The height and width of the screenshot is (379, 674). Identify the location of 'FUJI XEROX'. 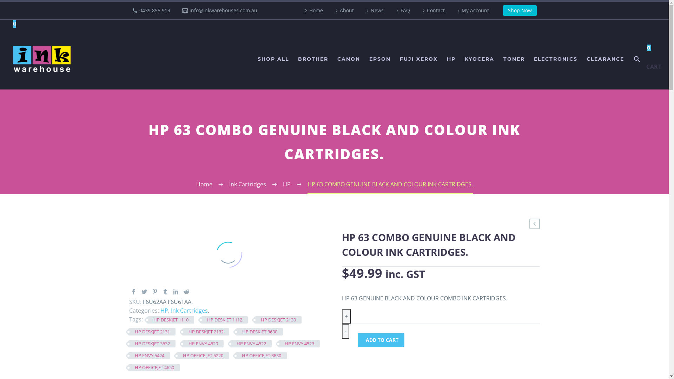
(419, 59).